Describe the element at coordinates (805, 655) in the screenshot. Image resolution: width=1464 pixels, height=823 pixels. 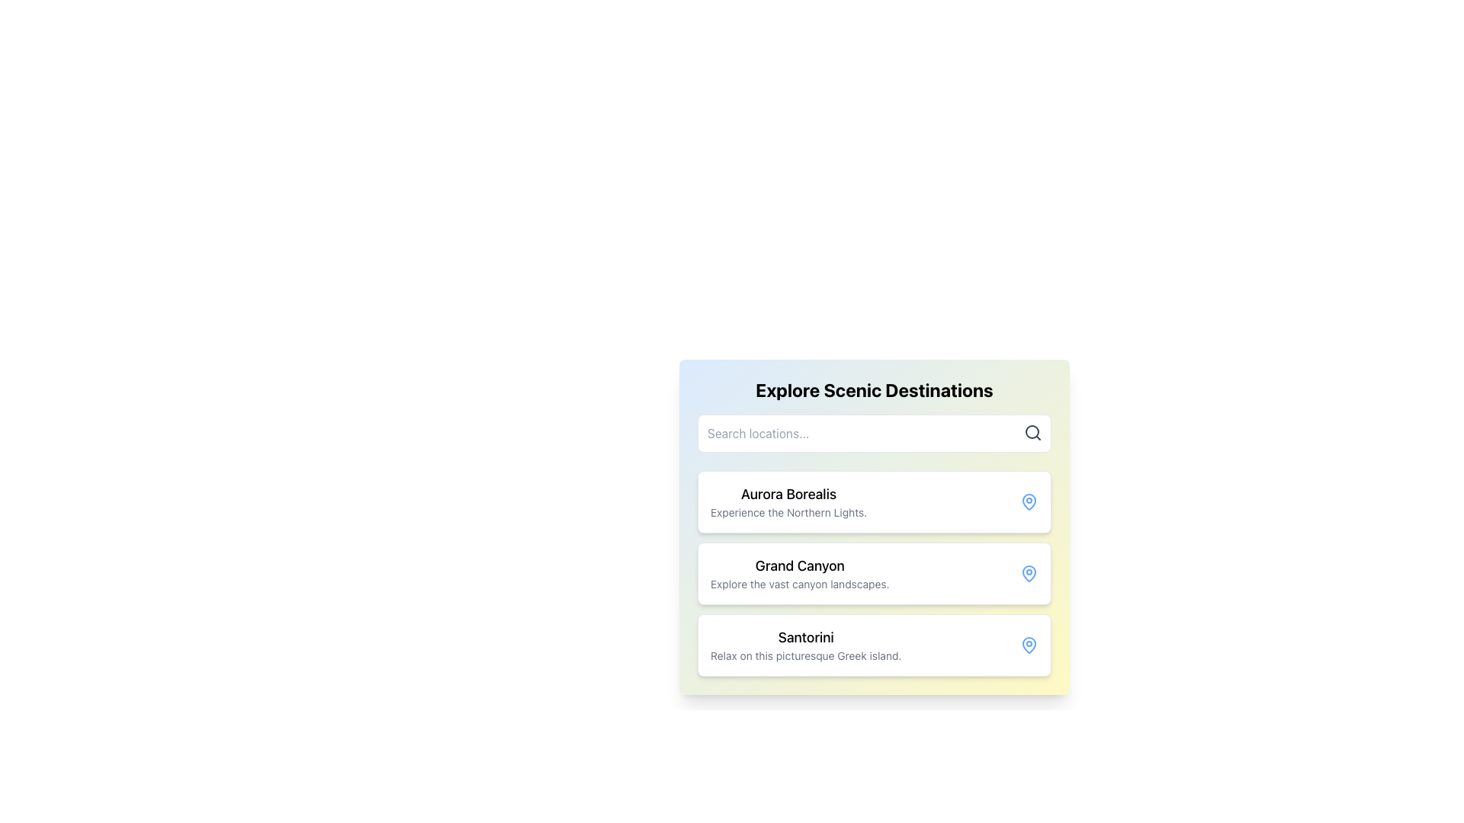
I see `the static text reading 'Relax on this picturesque Greek island.' located below the 'Santorini' header in the third item of the 'Explore Scenic Destinations' list` at that location.